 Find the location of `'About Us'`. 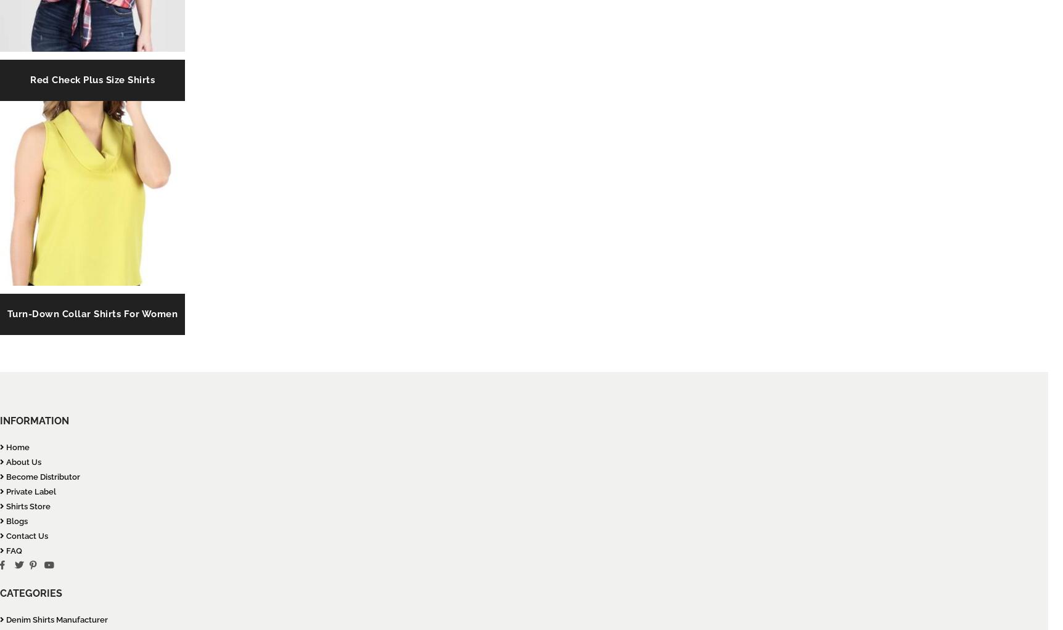

'About Us' is located at coordinates (23, 461).